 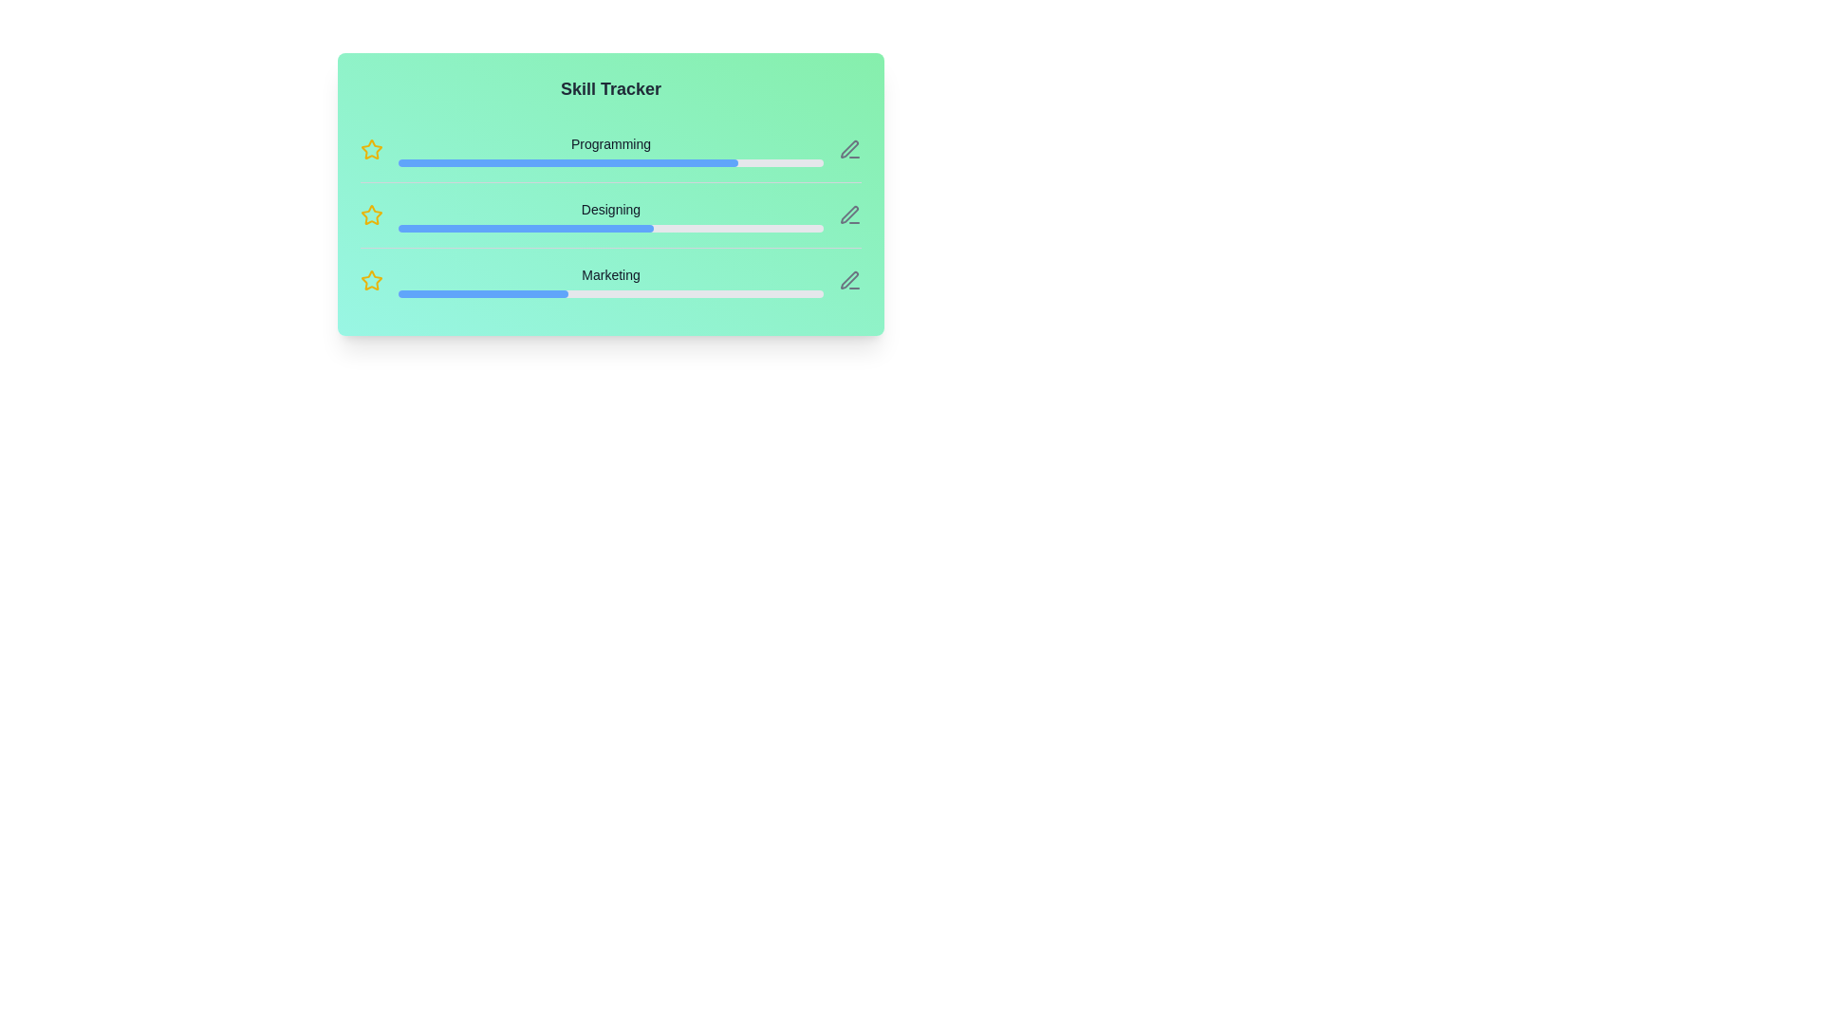 What do you see at coordinates (849, 214) in the screenshot?
I see `the edit icon next to the skill Designing` at bounding box center [849, 214].